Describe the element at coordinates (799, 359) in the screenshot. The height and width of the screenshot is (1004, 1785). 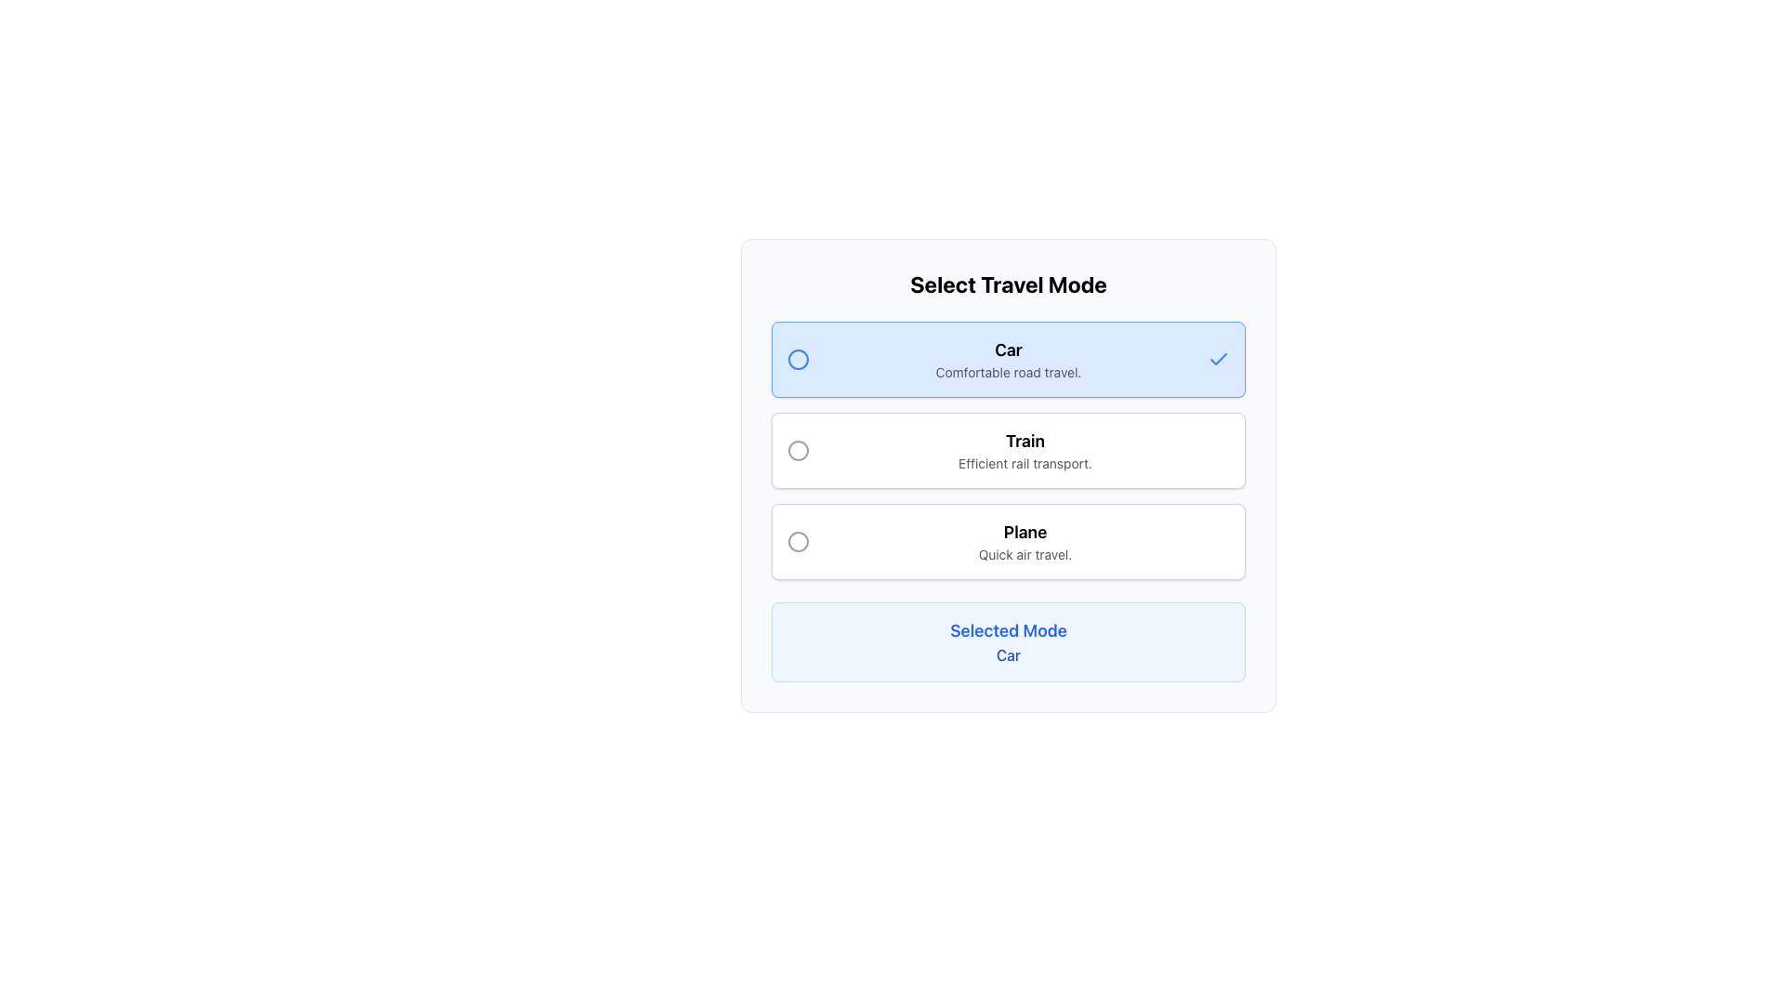
I see `the status indication of the blue-outlined circular icon located to the left of the word 'Car' in the highlighted selectable option card` at that location.